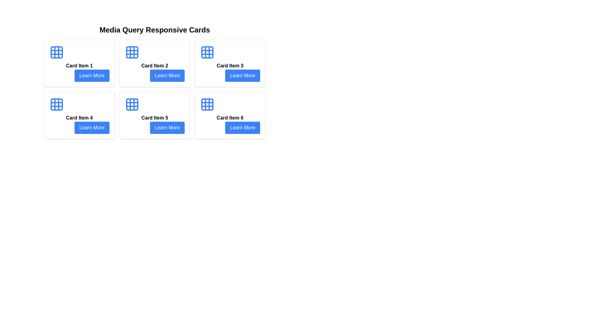 The height and width of the screenshot is (331, 589). Describe the element at coordinates (132, 104) in the screenshot. I see `the Graphic icon component, which is the top-left cell of the 3x3 grid structure within the Card Item 5 visual icon` at that location.